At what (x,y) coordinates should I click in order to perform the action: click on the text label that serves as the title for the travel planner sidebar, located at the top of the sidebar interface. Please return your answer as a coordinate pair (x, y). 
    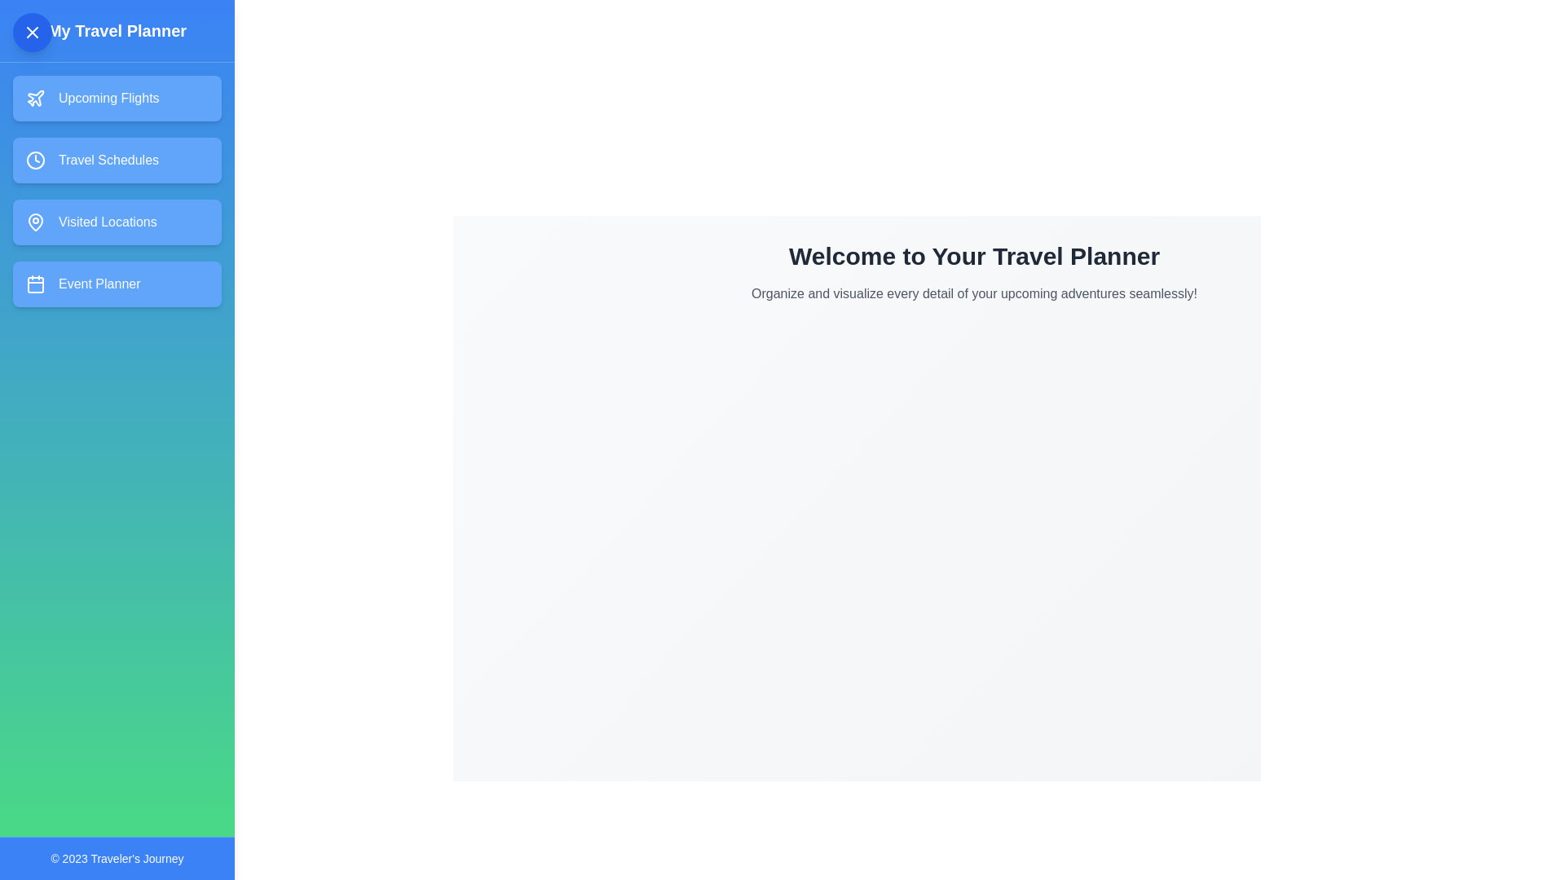
    Looking at the image, I should click on (117, 31).